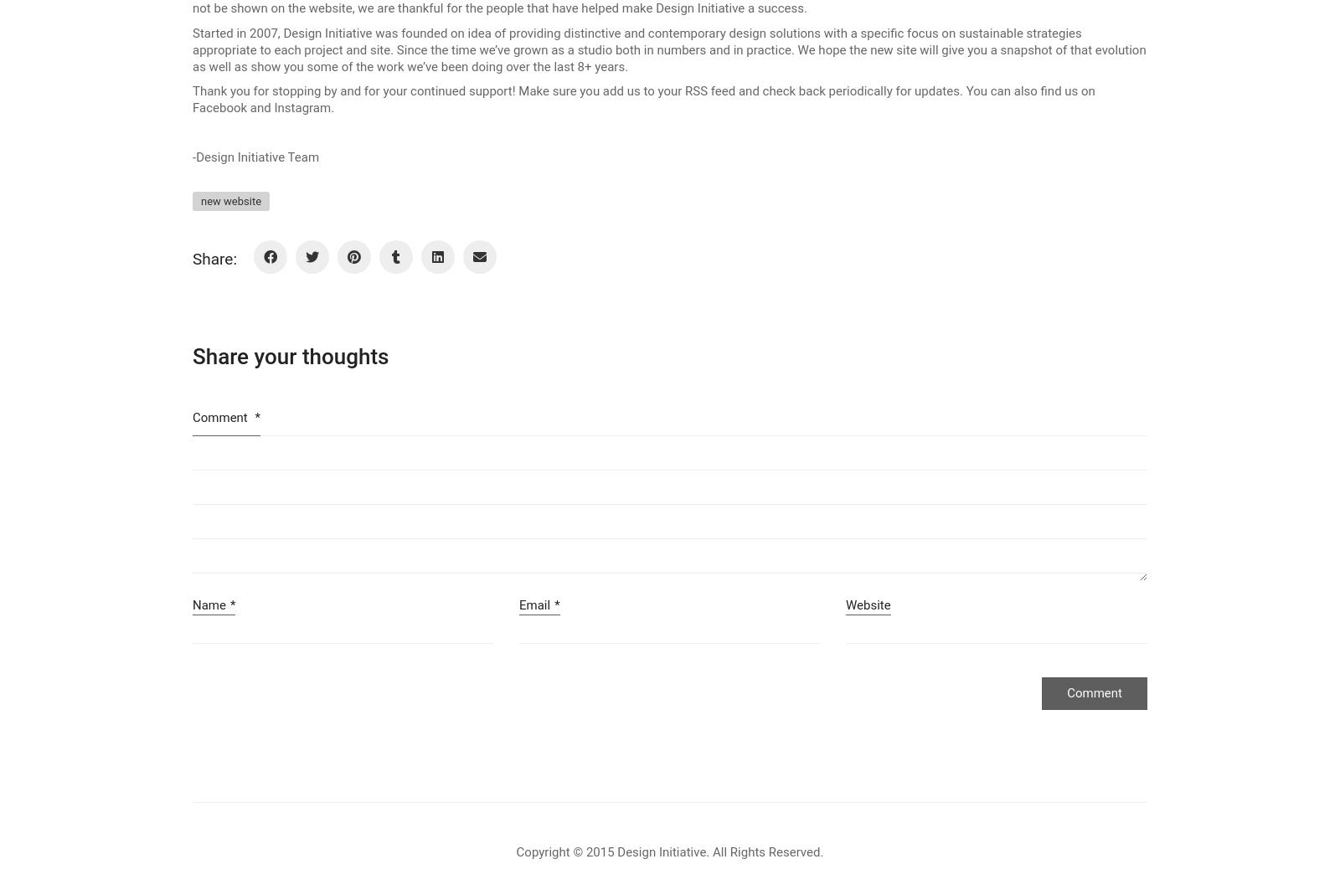 The width and height of the screenshot is (1340, 895). Describe the element at coordinates (643, 99) in the screenshot. I see `'Thank you for stopping by and for your continued support! Make sure you add us to your RSS feed and check back periodically for updates. You can also find us on Facebook and Instagram.'` at that location.